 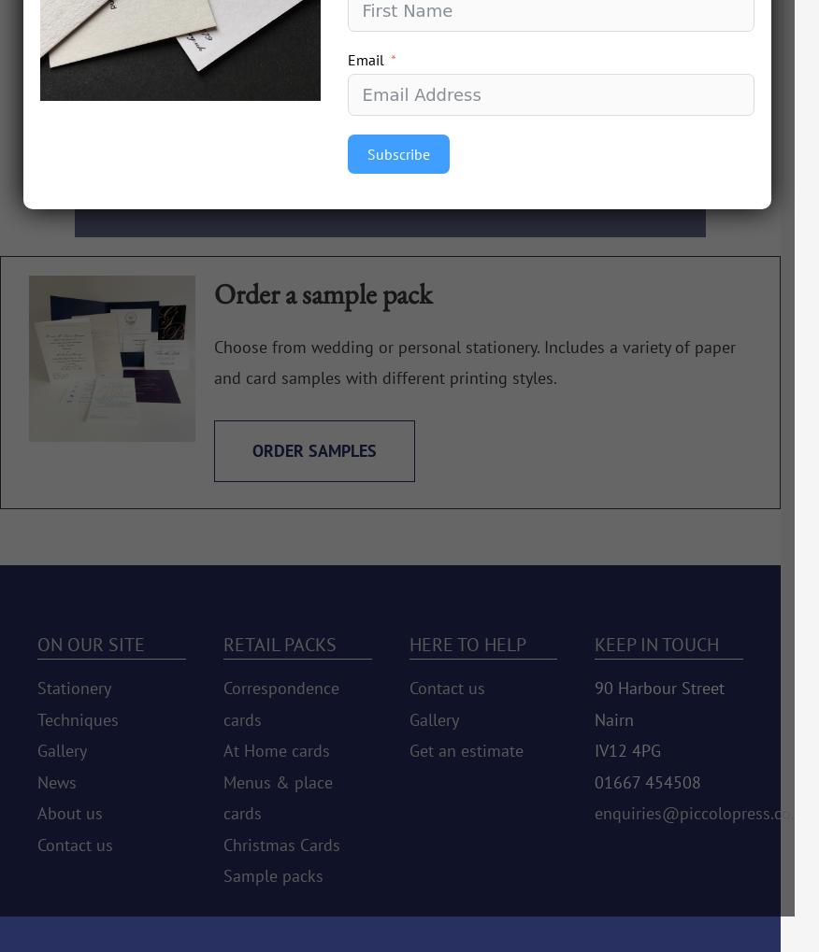 What do you see at coordinates (272, 874) in the screenshot?
I see `'Sample packs'` at bounding box center [272, 874].